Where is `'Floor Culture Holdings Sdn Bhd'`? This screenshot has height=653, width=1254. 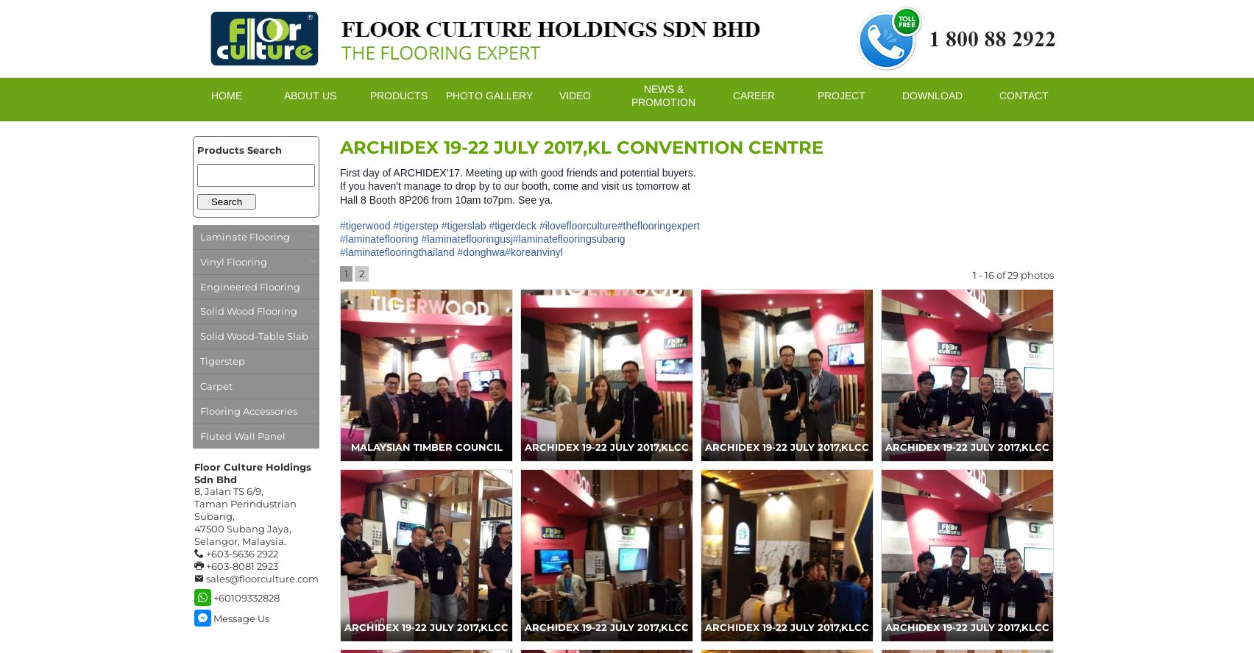 'Floor Culture Holdings Sdn Bhd' is located at coordinates (252, 471).